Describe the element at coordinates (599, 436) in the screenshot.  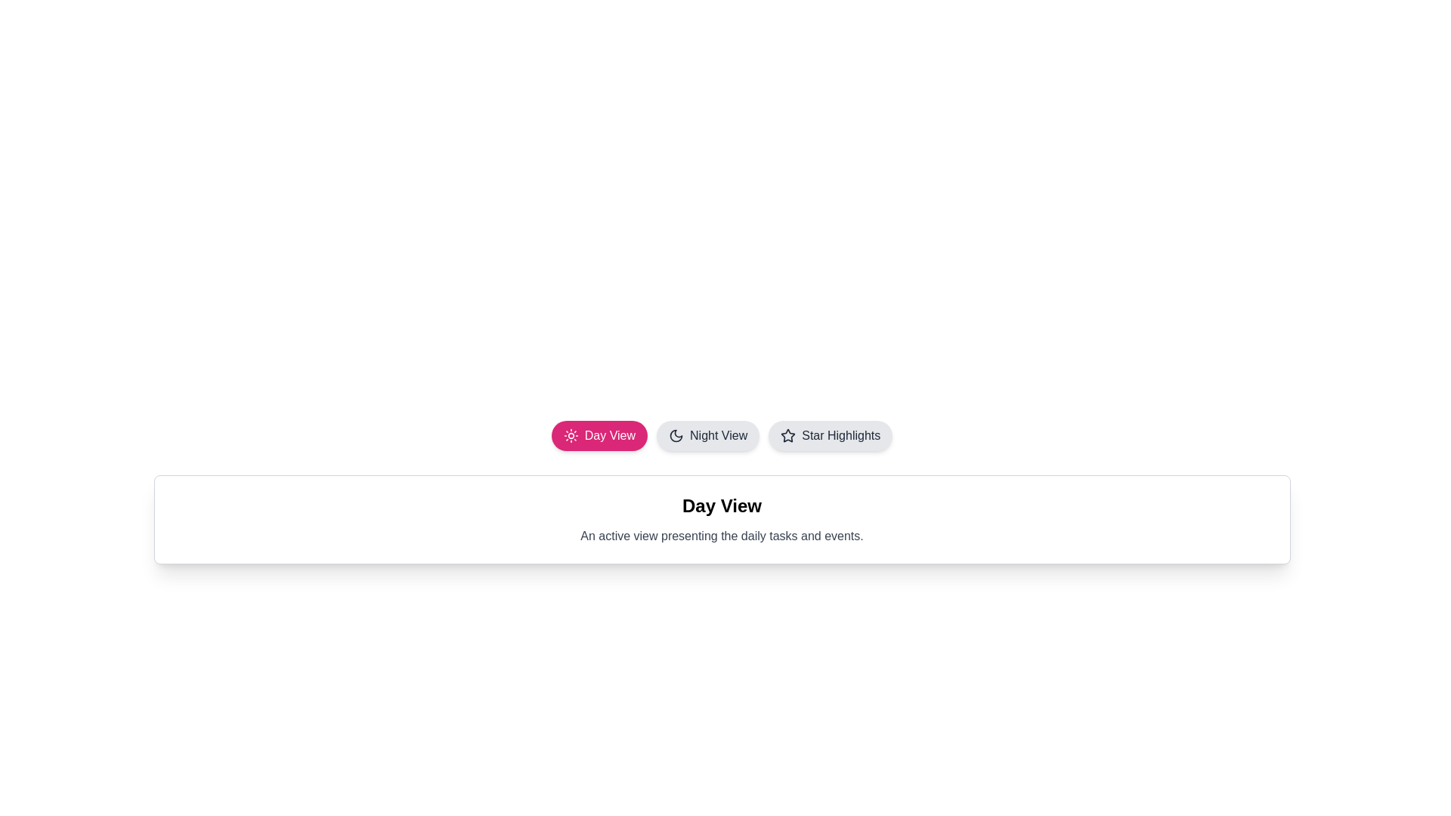
I see `the tab corresponding to Day View to change the active view` at that location.